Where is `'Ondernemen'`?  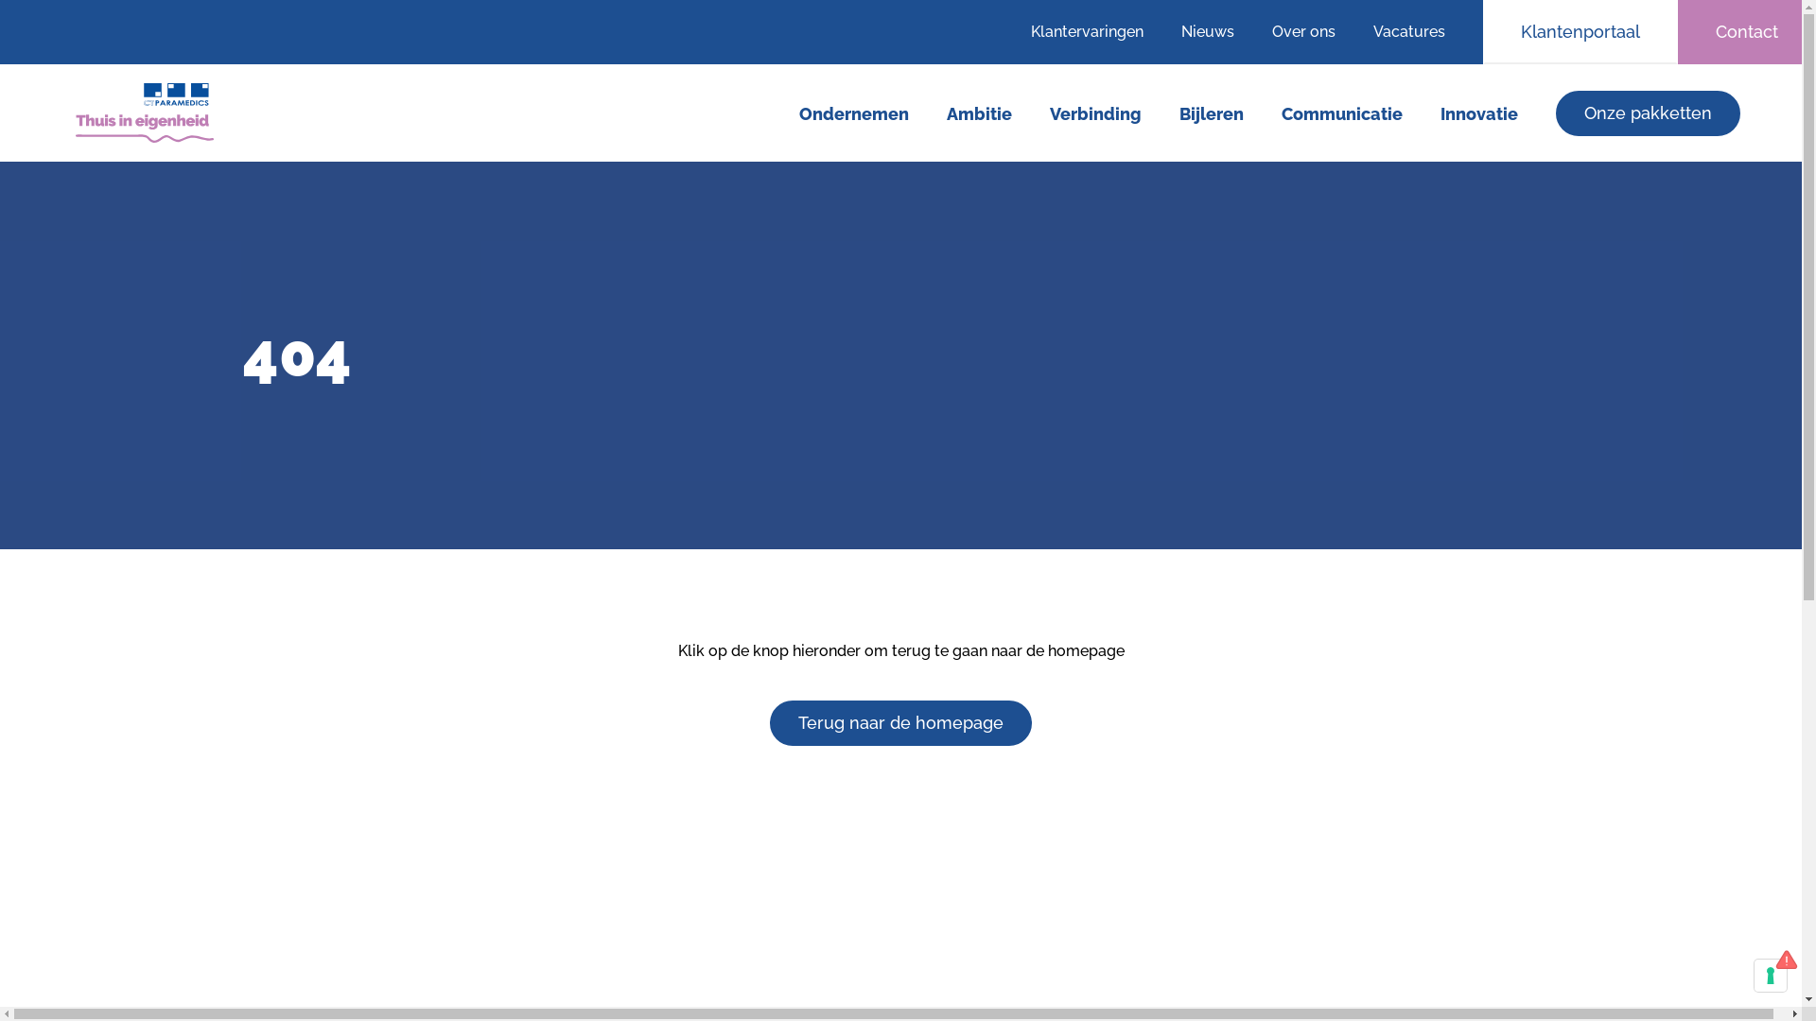 'Ondernemen' is located at coordinates (852, 113).